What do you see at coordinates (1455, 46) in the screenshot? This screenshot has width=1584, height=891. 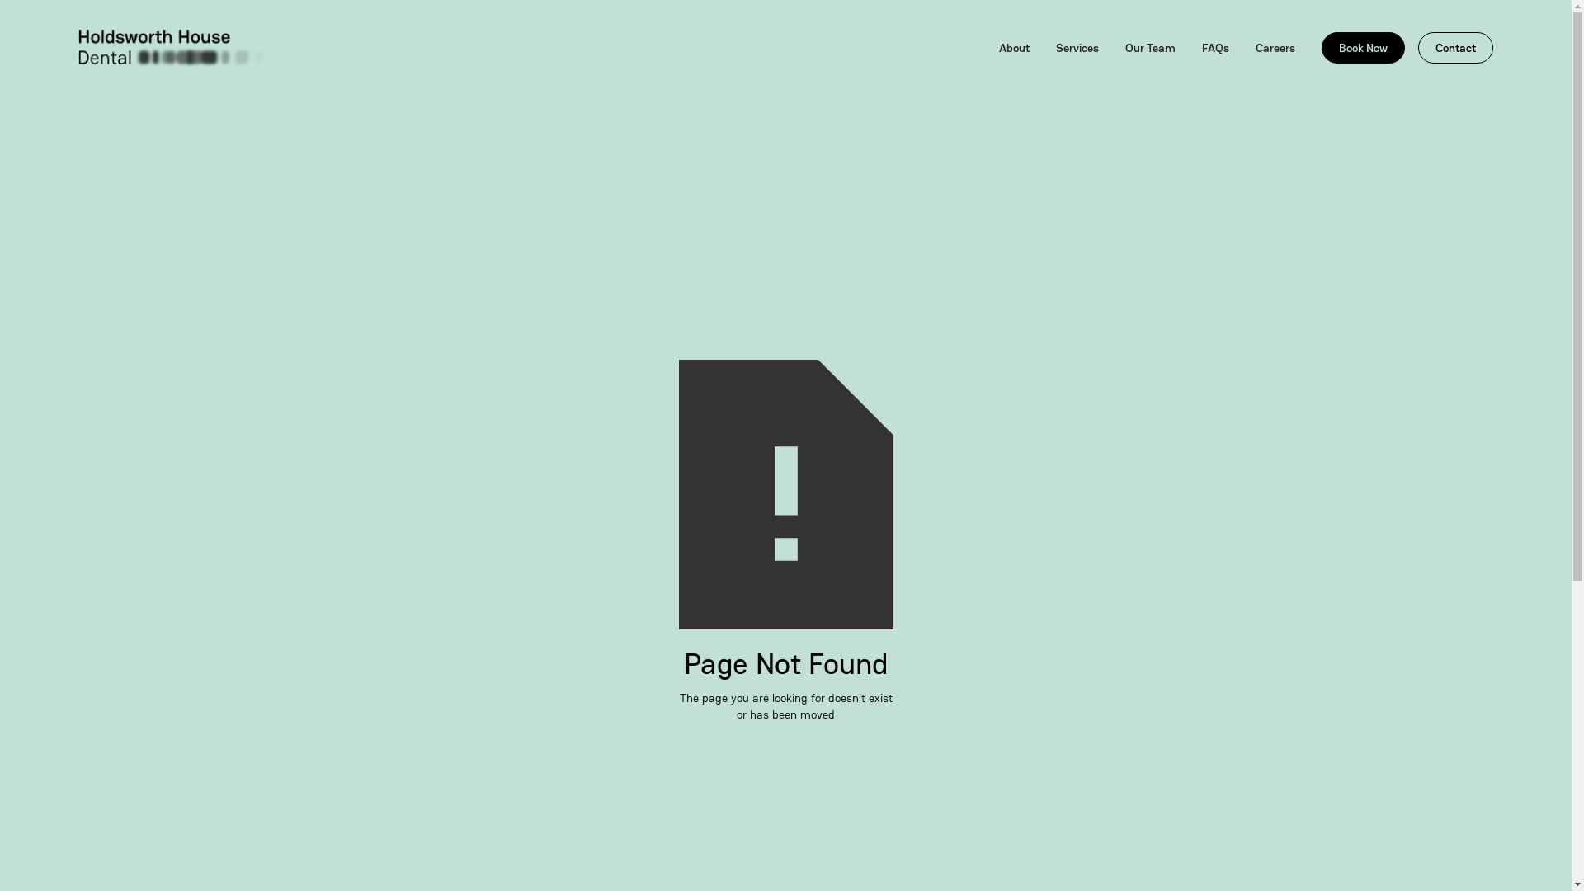 I see `'Contact'` at bounding box center [1455, 46].